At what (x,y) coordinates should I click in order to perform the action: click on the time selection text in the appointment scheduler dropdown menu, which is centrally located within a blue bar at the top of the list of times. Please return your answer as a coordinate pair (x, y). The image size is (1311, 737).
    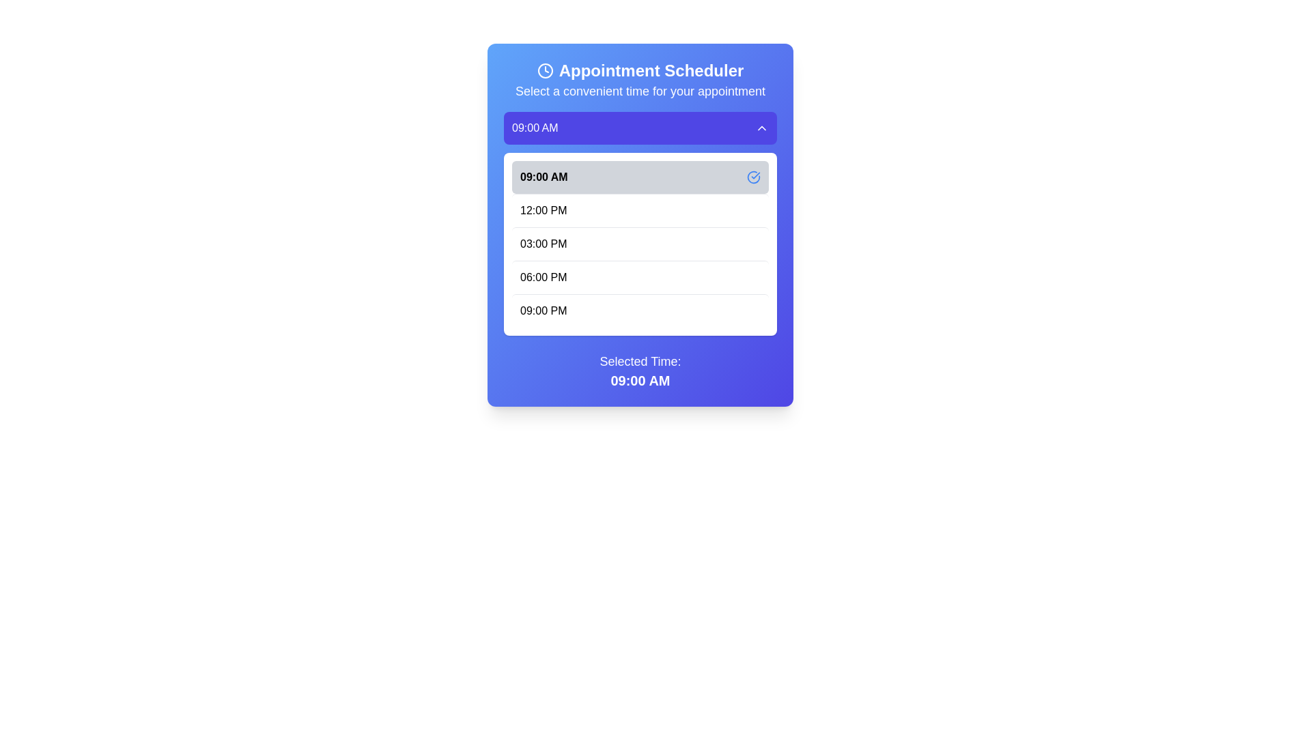
    Looking at the image, I should click on (534, 128).